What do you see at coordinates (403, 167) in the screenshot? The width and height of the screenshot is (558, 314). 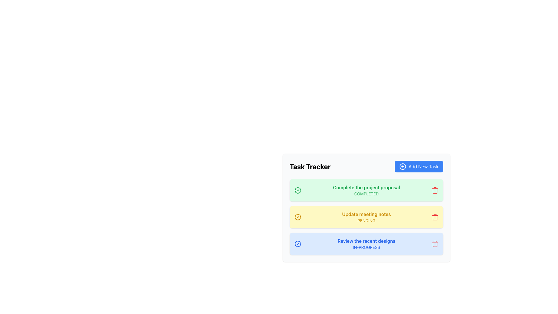 I see `the circular icon with a plus sign located on the left side of the 'Add New Task' button in the top-right corner of the task tracker section` at bounding box center [403, 167].